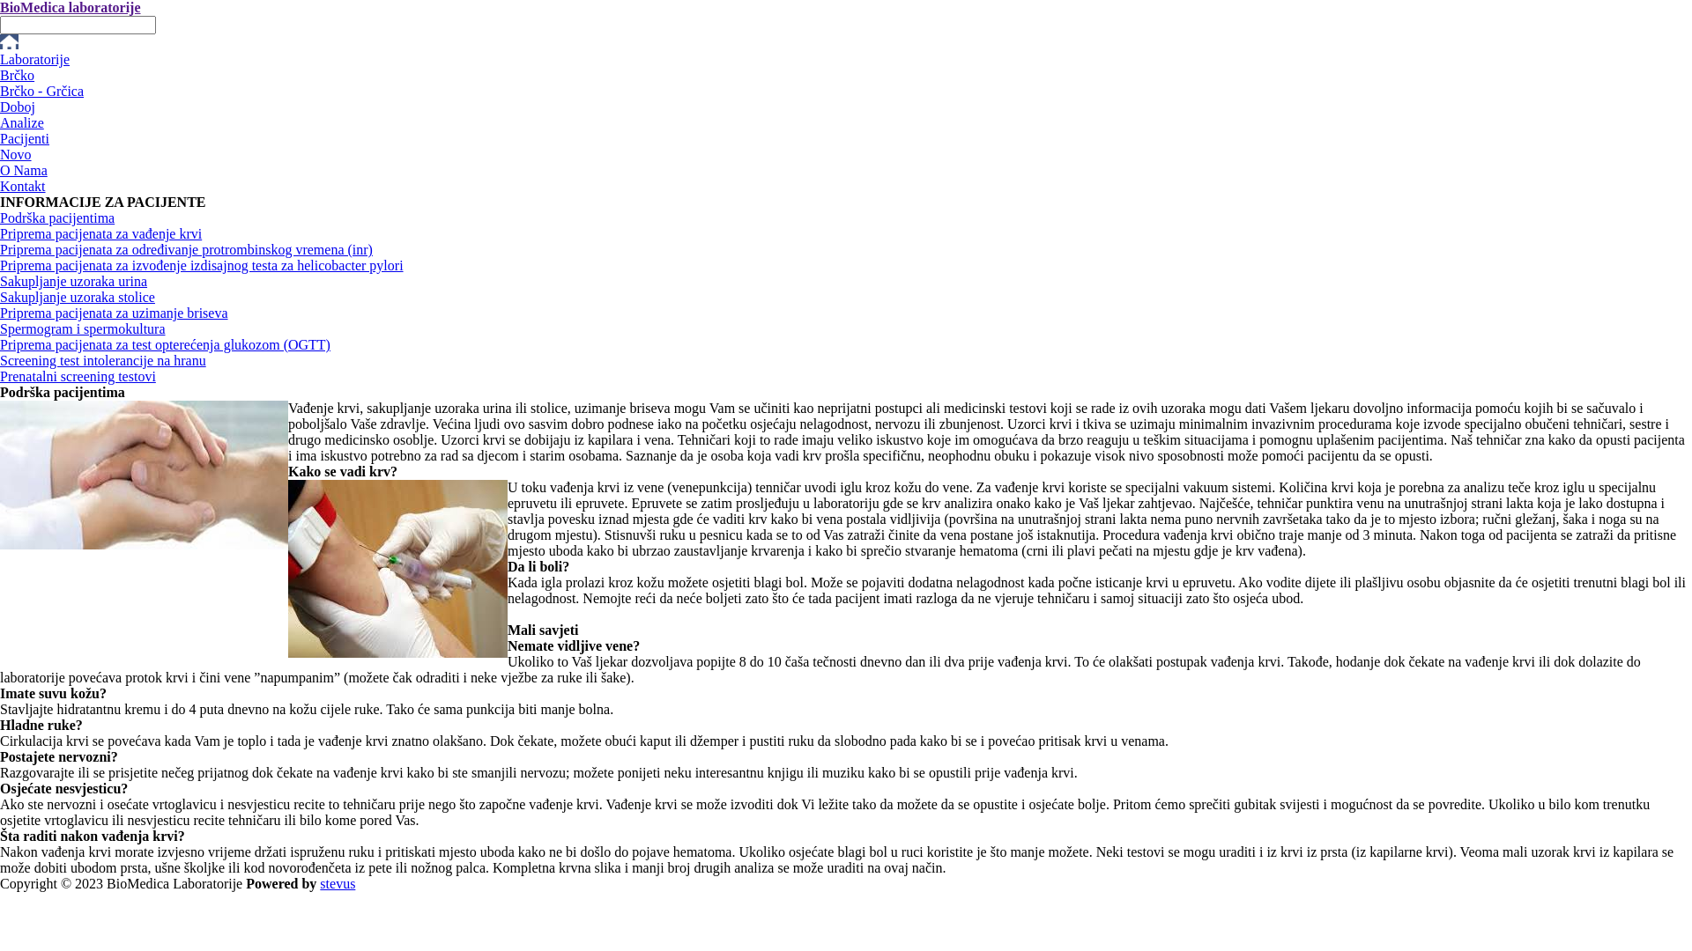 This screenshot has width=1692, height=951. What do you see at coordinates (82, 328) in the screenshot?
I see `'Spermogram i spermokultura'` at bounding box center [82, 328].